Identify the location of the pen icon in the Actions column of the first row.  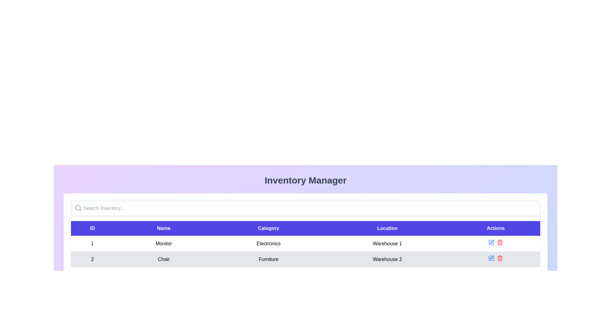
(492, 241).